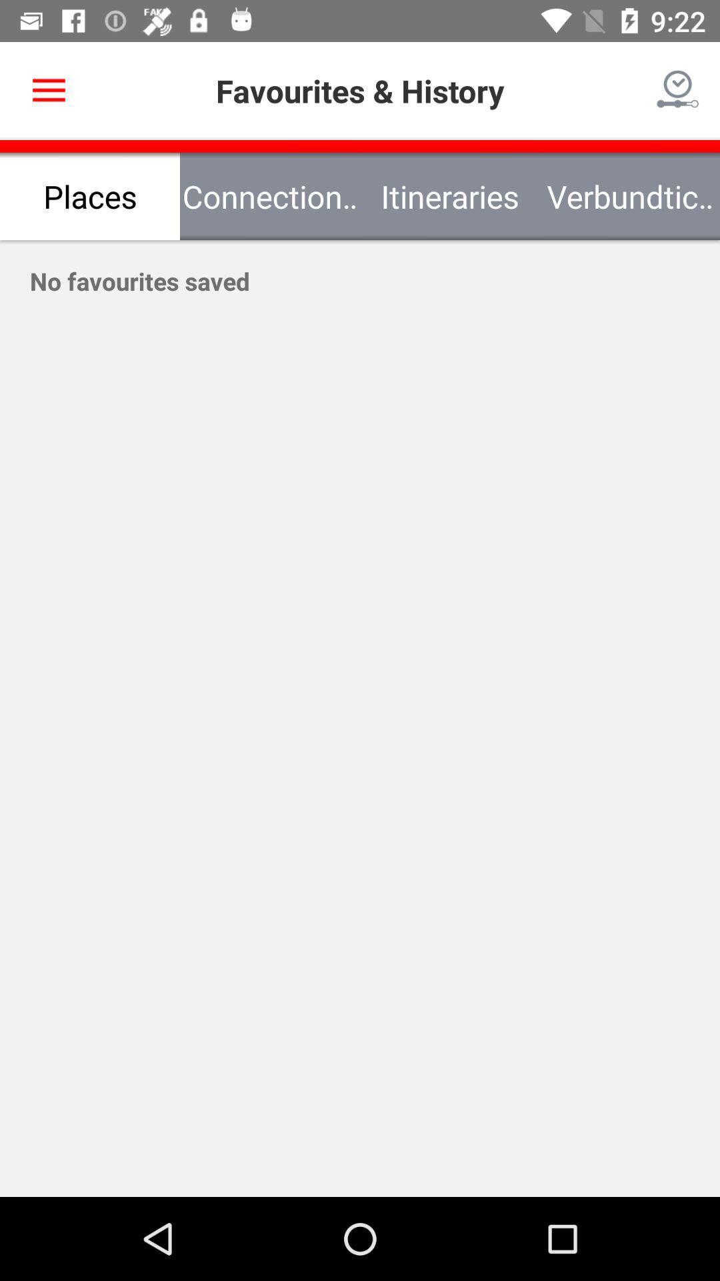 The width and height of the screenshot is (720, 1281). I want to click on icon to the right of places, so click(270, 195).